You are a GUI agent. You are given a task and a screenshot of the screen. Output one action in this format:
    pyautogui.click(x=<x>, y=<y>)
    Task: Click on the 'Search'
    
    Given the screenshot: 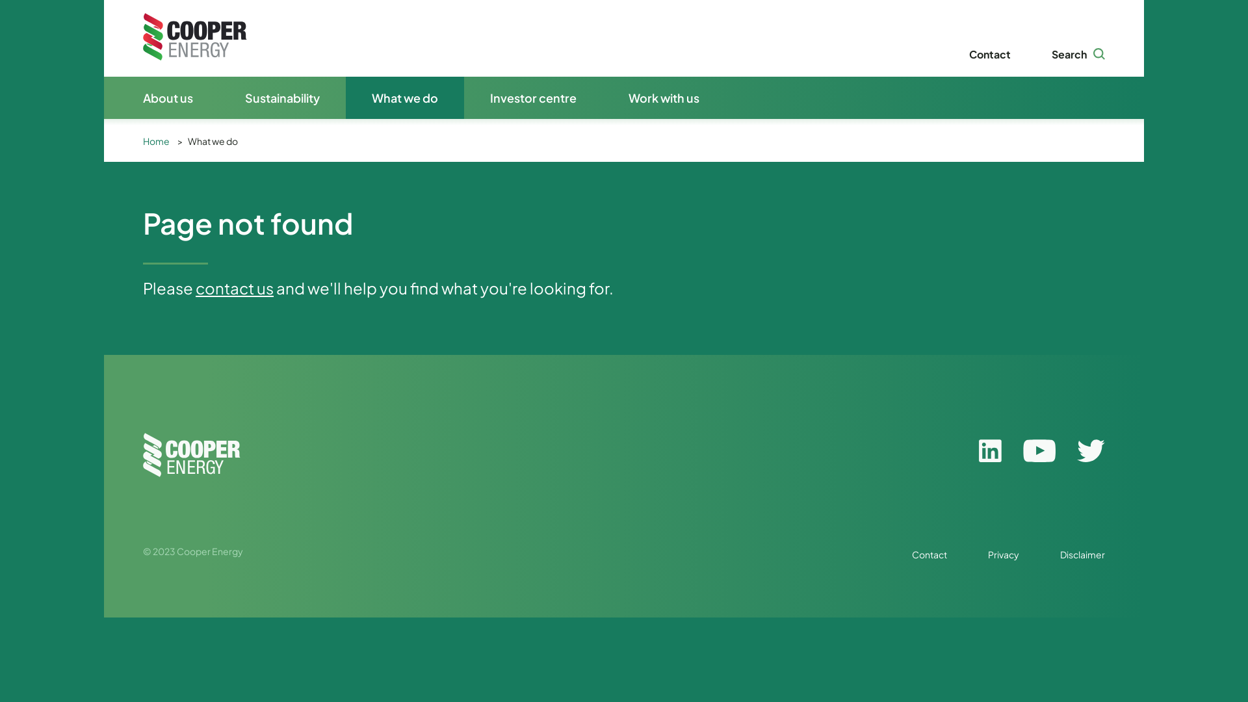 What is the action you would take?
    pyautogui.click(x=1051, y=53)
    